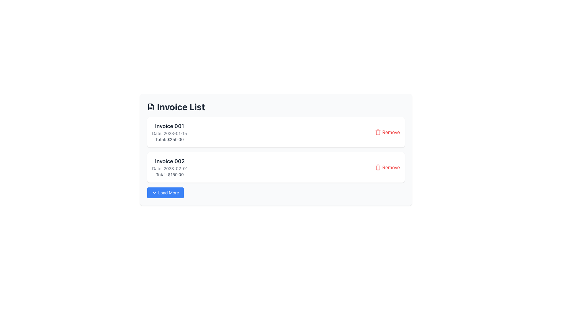 The height and width of the screenshot is (327, 583). Describe the element at coordinates (169, 126) in the screenshot. I see `the 'Invoice 001' text label, which is the first line of text in a section that includes the date and total amount for the invoice, styled with a larger, bold font and dark gray color` at that location.